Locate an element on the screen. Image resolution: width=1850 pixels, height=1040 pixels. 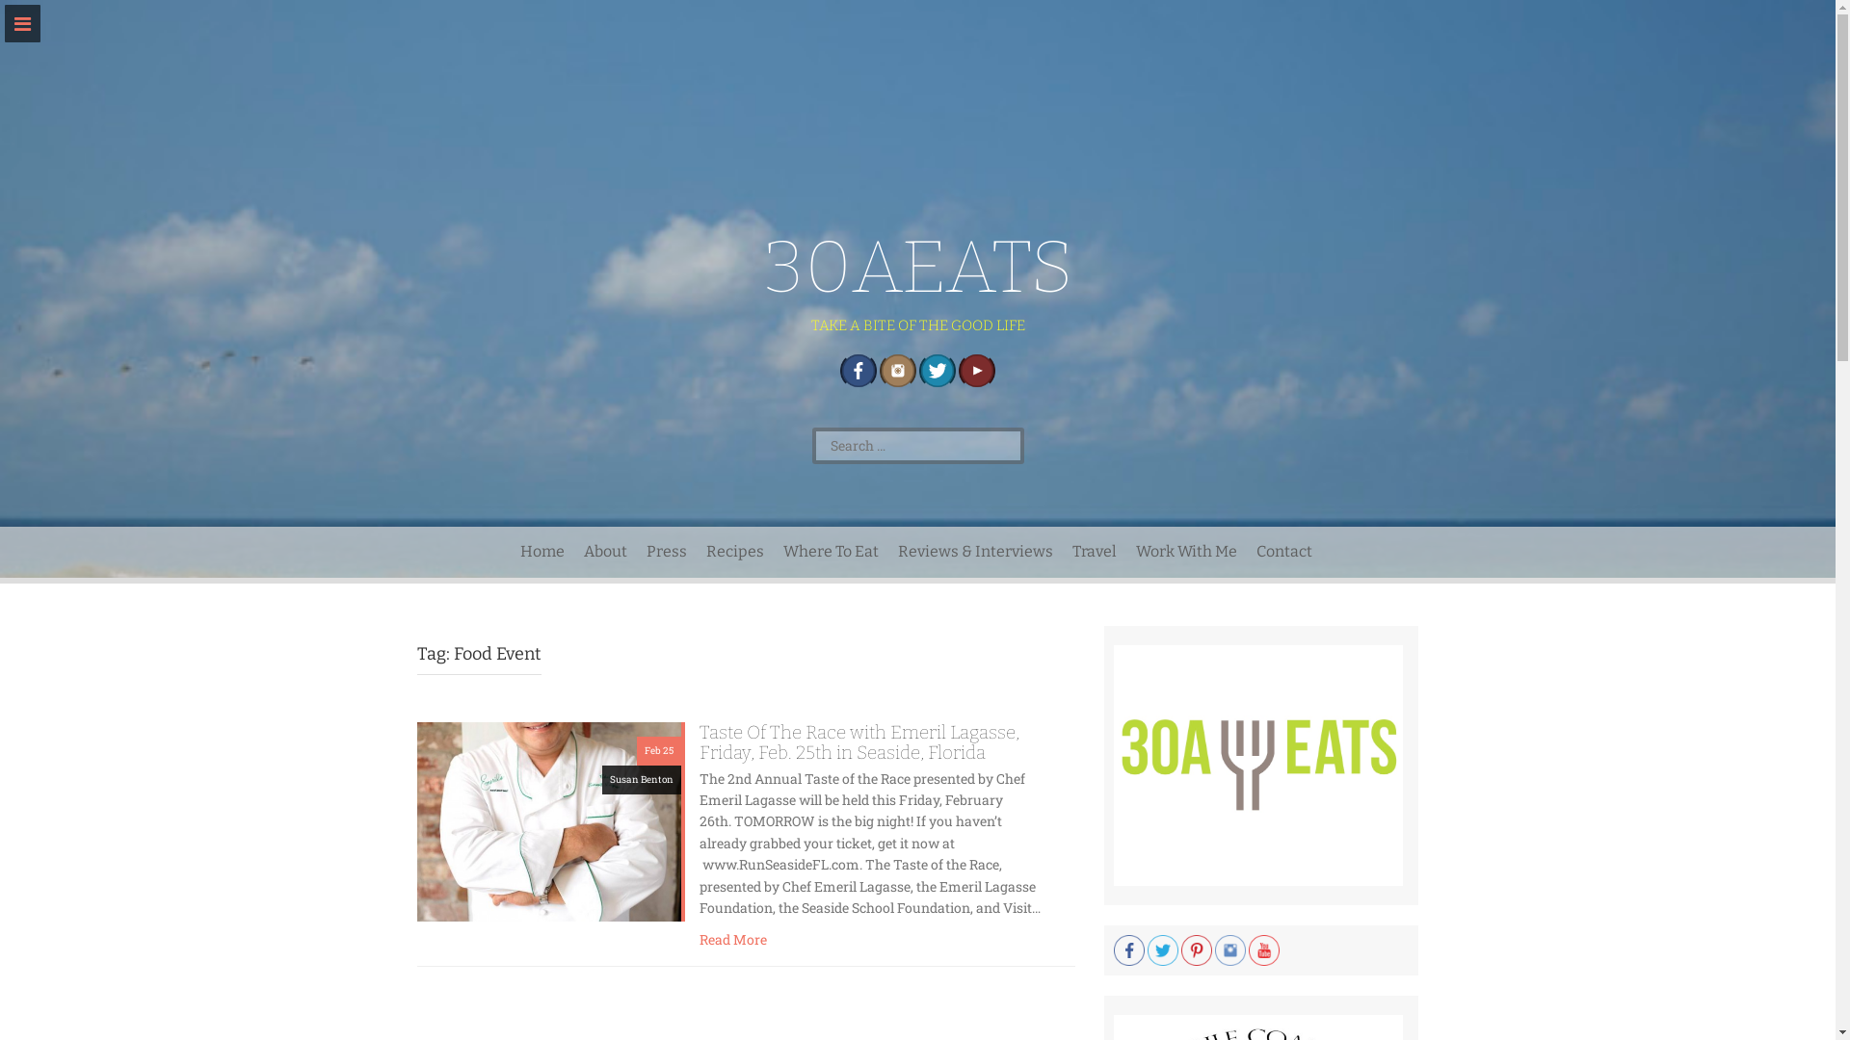
'Press' is located at coordinates (666, 552).